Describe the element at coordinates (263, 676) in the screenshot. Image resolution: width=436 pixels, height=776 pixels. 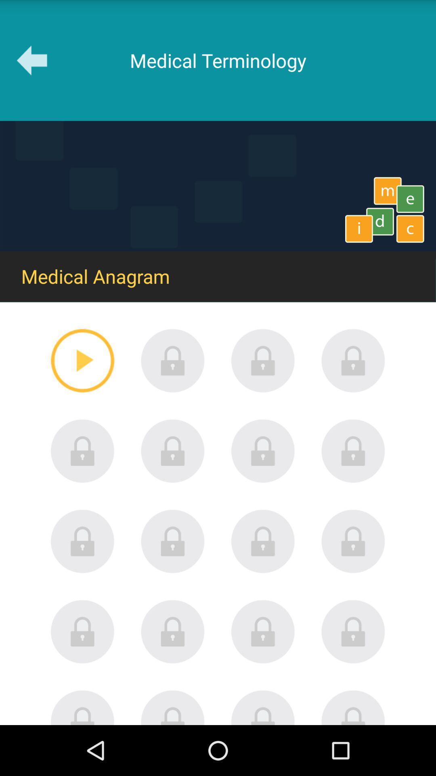
I see `the lock icon` at that location.